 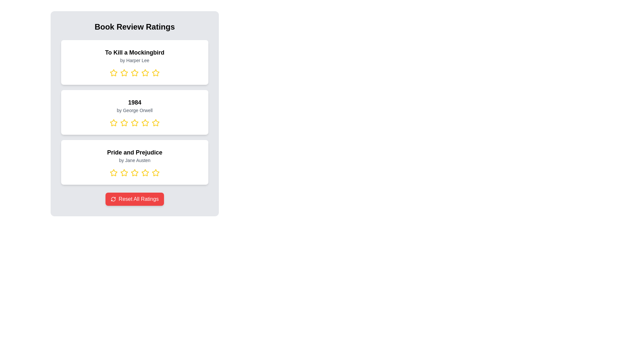 I want to click on the rating for a book by selecting 5 stars for the book titled 1984, so click(x=155, y=123).